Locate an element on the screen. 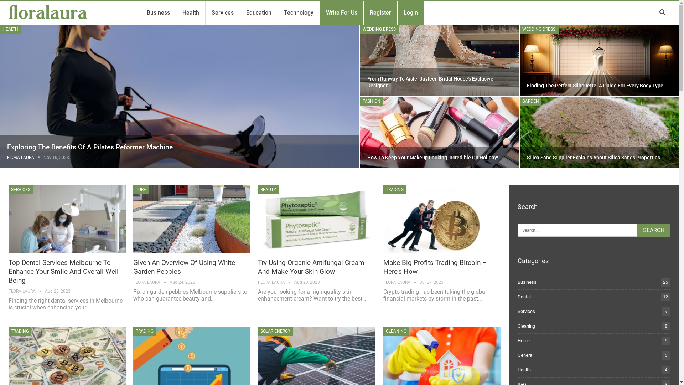 The width and height of the screenshot is (684, 385). 'WEDDING DRESS ' is located at coordinates (539, 29).